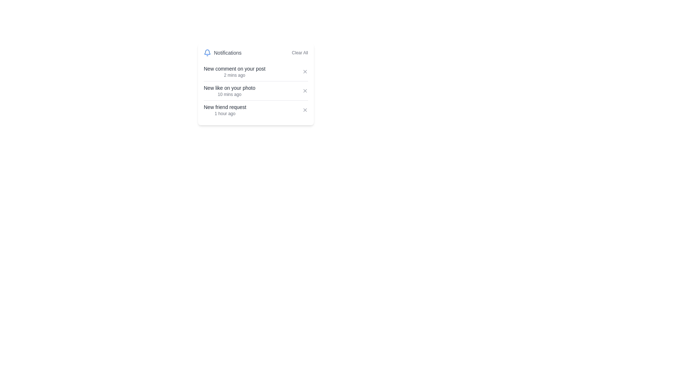 This screenshot has width=695, height=391. What do you see at coordinates (235, 71) in the screenshot?
I see `first textual notification about a recent comment on the user's post located in the notifications list under the 'Notifications' header` at bounding box center [235, 71].